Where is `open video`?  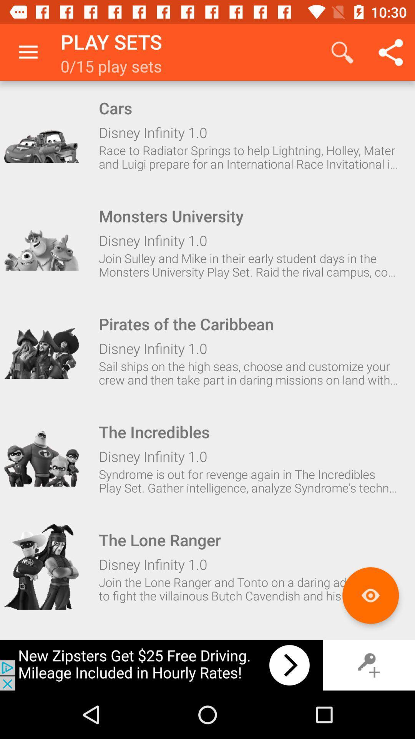
open video is located at coordinates (41, 567).